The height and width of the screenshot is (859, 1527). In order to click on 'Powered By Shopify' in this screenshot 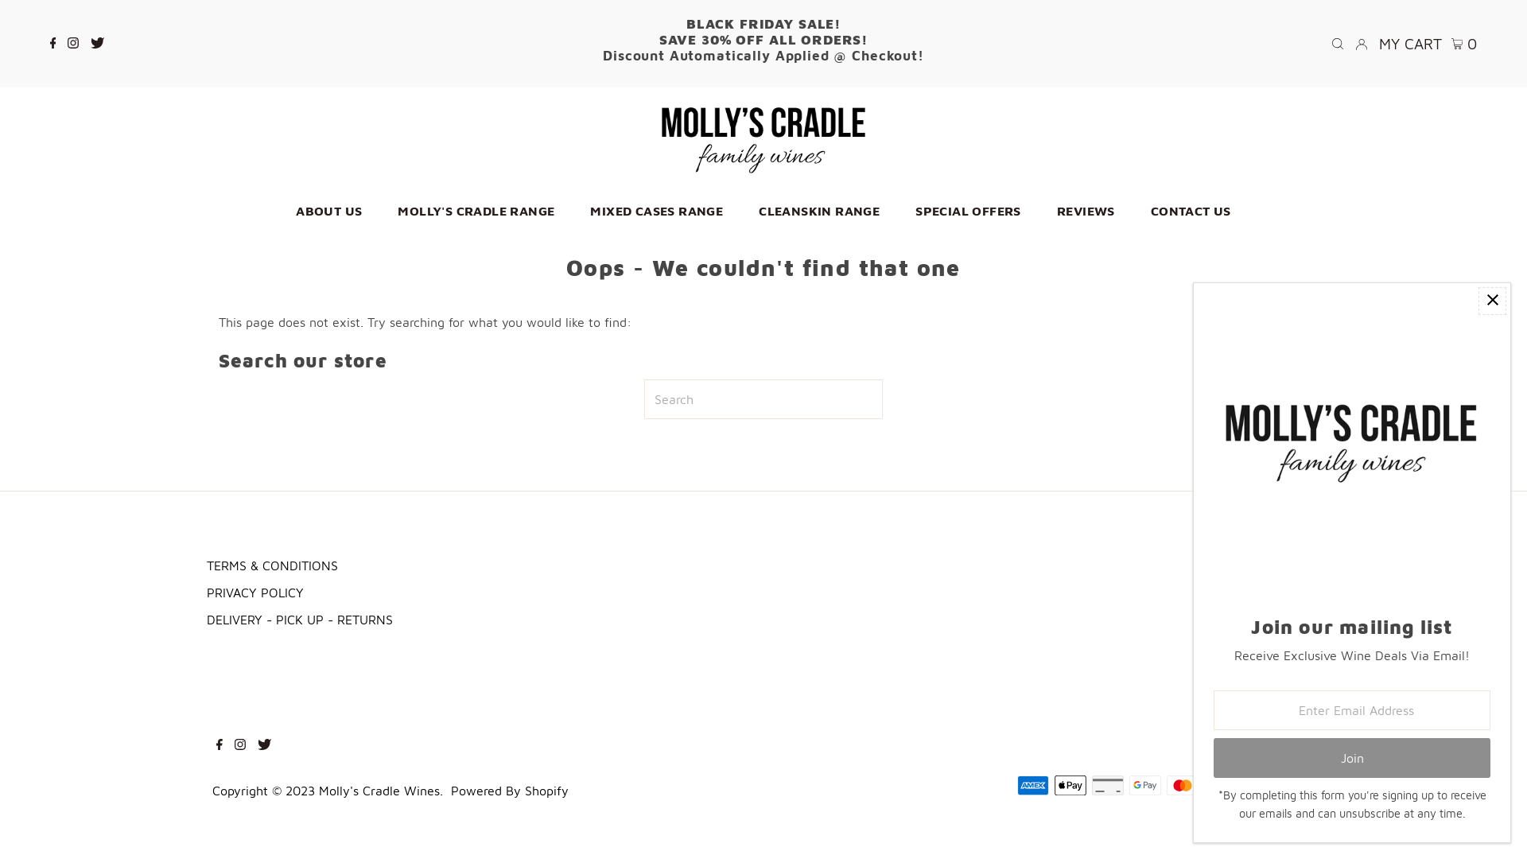, I will do `click(510, 791)`.